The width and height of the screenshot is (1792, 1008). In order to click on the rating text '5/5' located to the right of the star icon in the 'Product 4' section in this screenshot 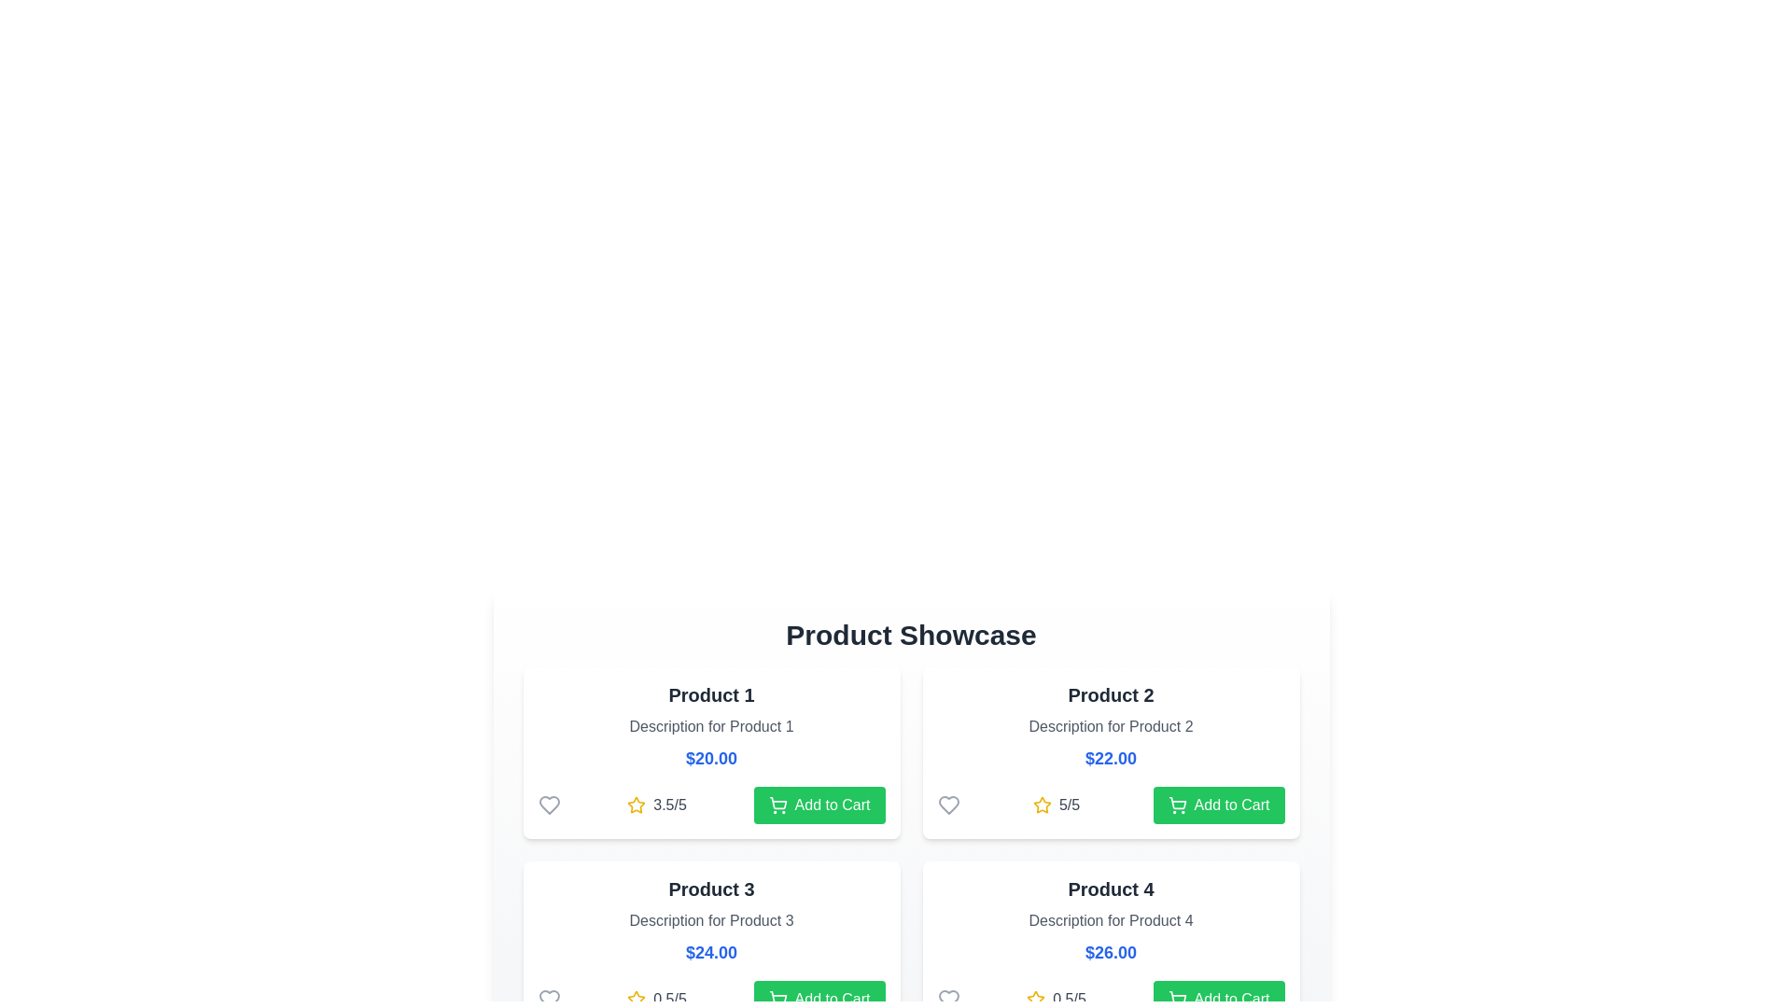, I will do `click(1070, 805)`.